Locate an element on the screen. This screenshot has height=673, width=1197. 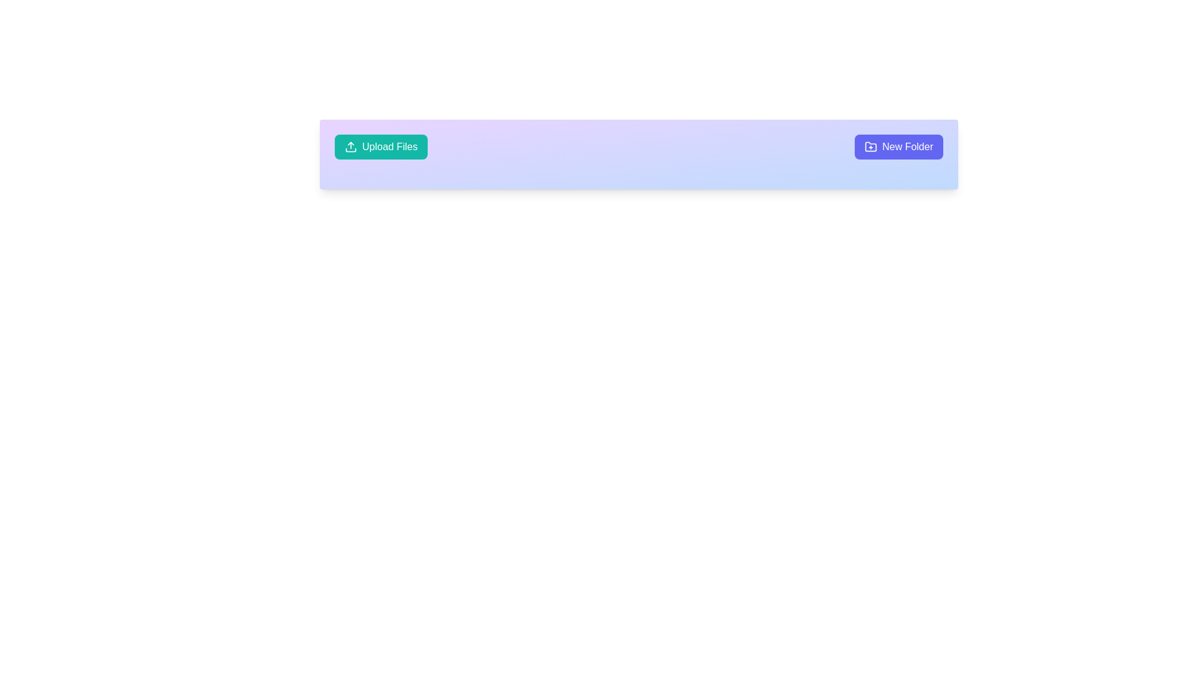
the decorative upload icon located on the leftmost part of the 'Upload Files' button in the horizontal toolbar at the top of the interface is located at coordinates (350, 146).